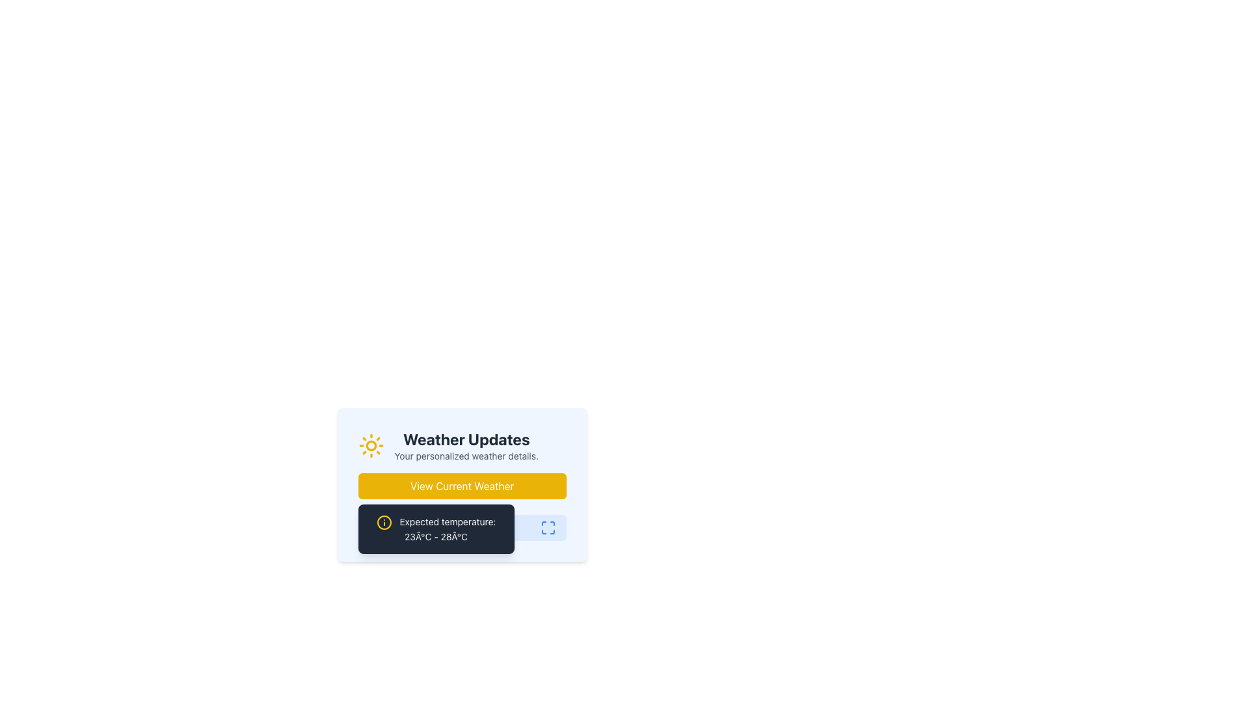 The height and width of the screenshot is (703, 1249). Describe the element at coordinates (436, 529) in the screenshot. I see `the text label displaying 'Expected temperature: 23°C - 28°C' within the tooltip that appears below the 'View Current Weather' button` at that location.